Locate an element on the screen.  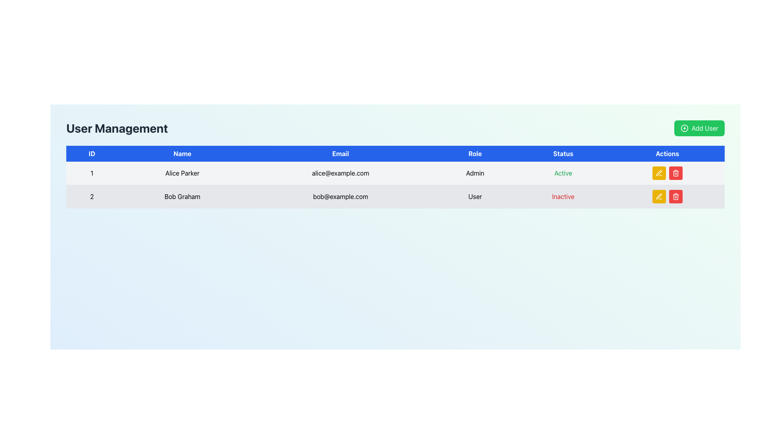
the yellow button with a white pen icon, which is the first button in the 'Actions' column of the second row in the table is located at coordinates (659, 196).